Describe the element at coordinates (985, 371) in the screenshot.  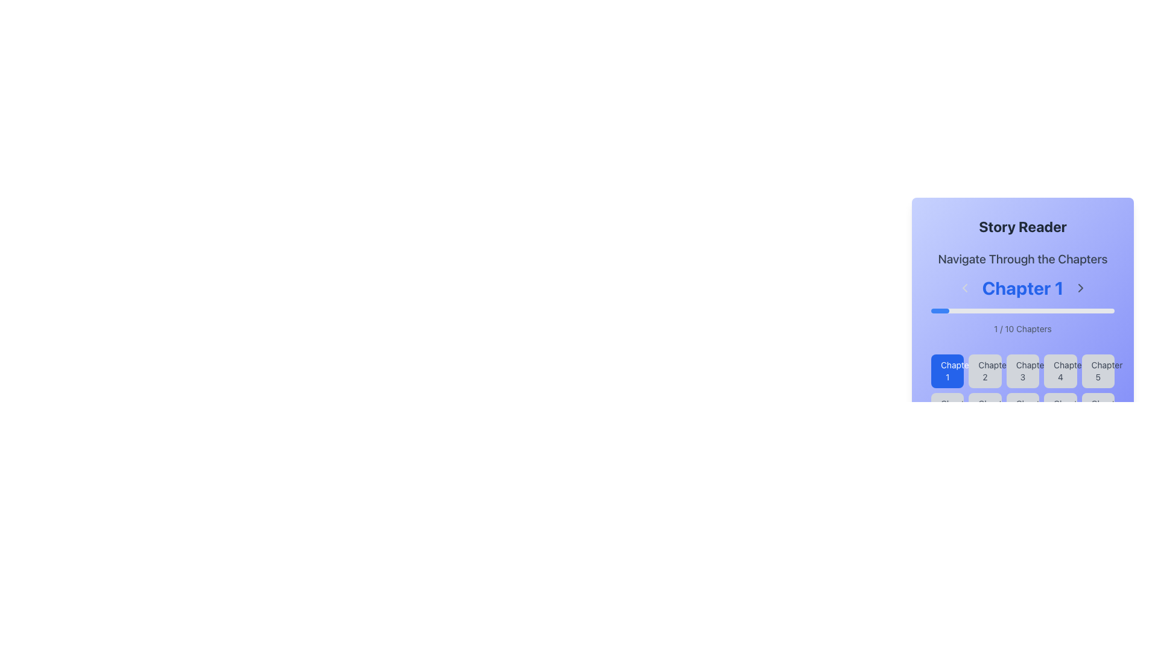
I see `the 'Chapter 2' button, which is a rectangular button with a light gray background and darker gray text` at that location.